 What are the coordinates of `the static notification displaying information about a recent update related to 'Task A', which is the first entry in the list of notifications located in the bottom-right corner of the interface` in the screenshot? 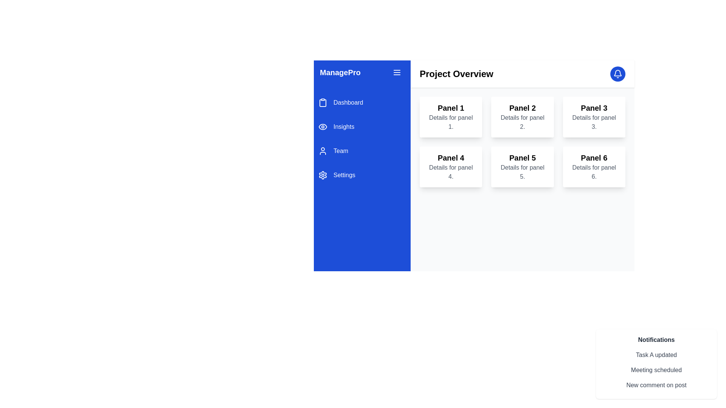 It's located at (656, 355).